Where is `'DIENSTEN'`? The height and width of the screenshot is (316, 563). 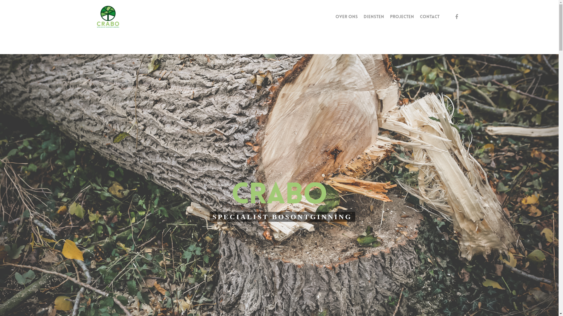
'DIENSTEN' is located at coordinates (374, 16).